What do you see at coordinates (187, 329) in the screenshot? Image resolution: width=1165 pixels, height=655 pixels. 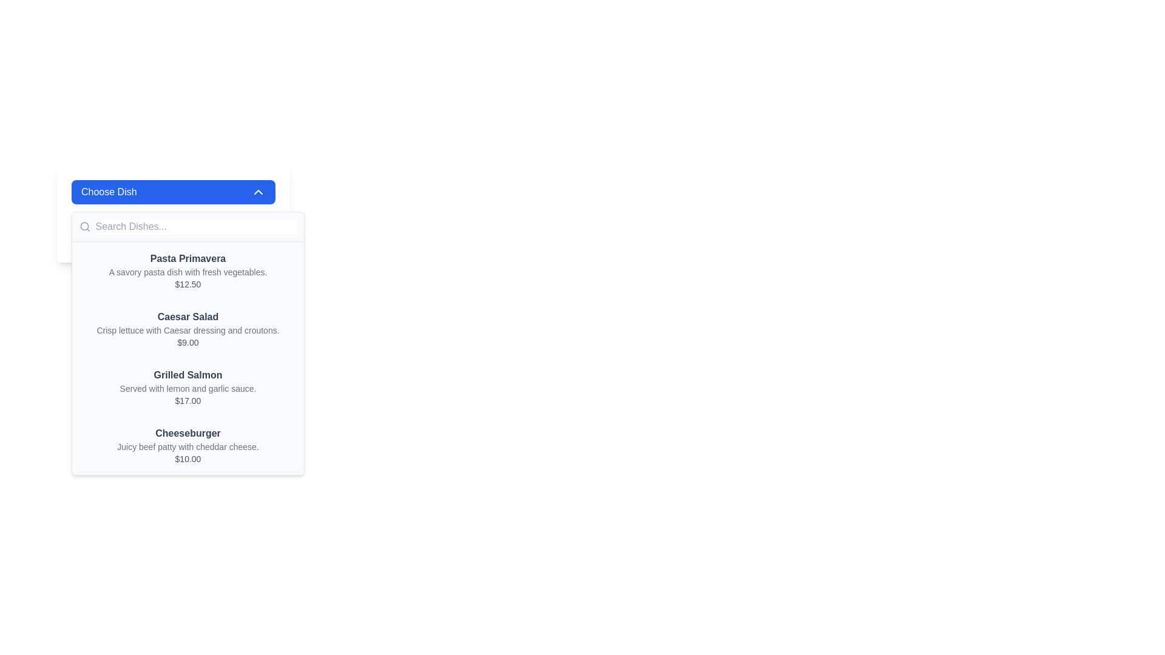 I see `the 'Caesar Salad' menu item` at bounding box center [187, 329].